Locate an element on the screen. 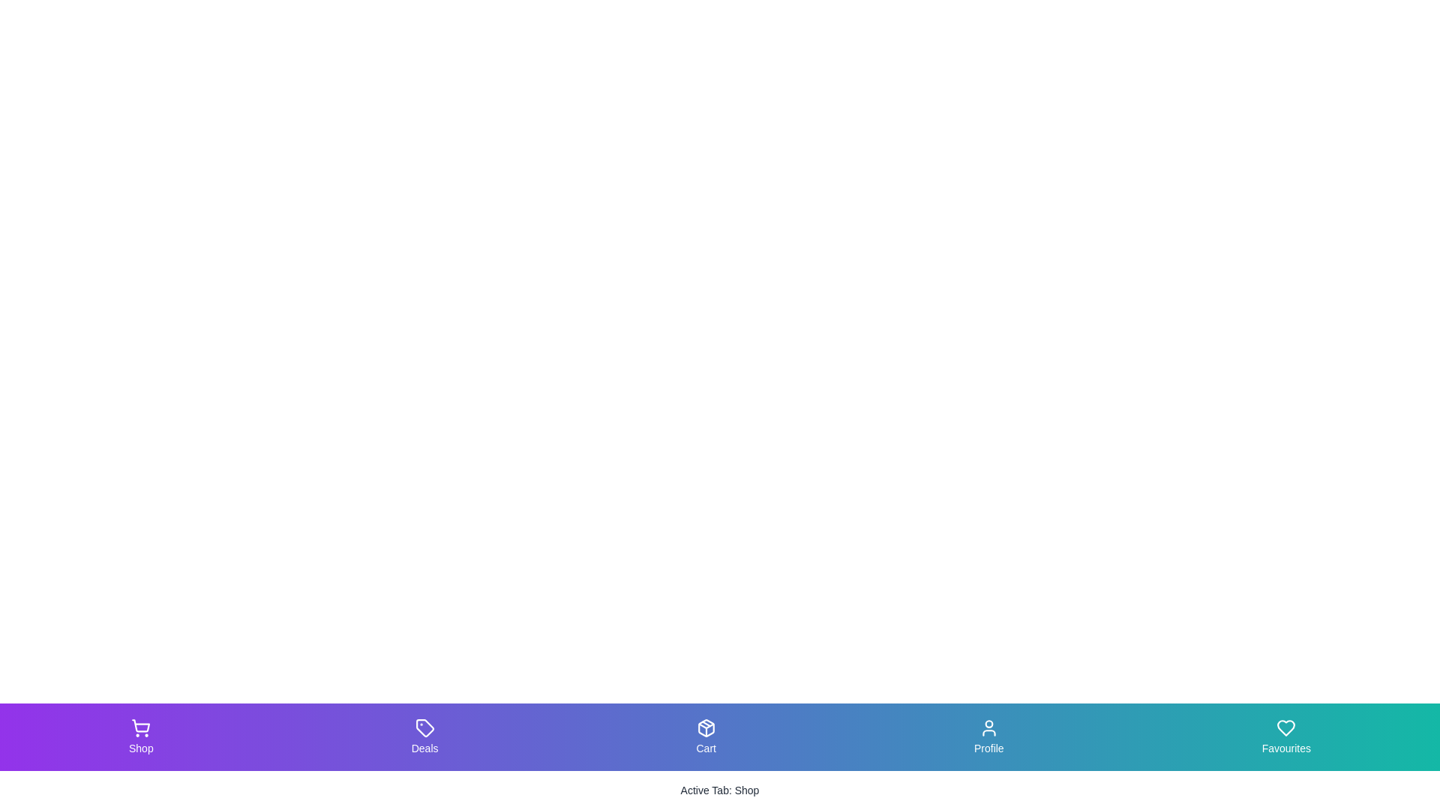 This screenshot has height=810, width=1440. the Deals tab in the bottom navigation bar to navigate to its respective section is located at coordinates (424, 736).